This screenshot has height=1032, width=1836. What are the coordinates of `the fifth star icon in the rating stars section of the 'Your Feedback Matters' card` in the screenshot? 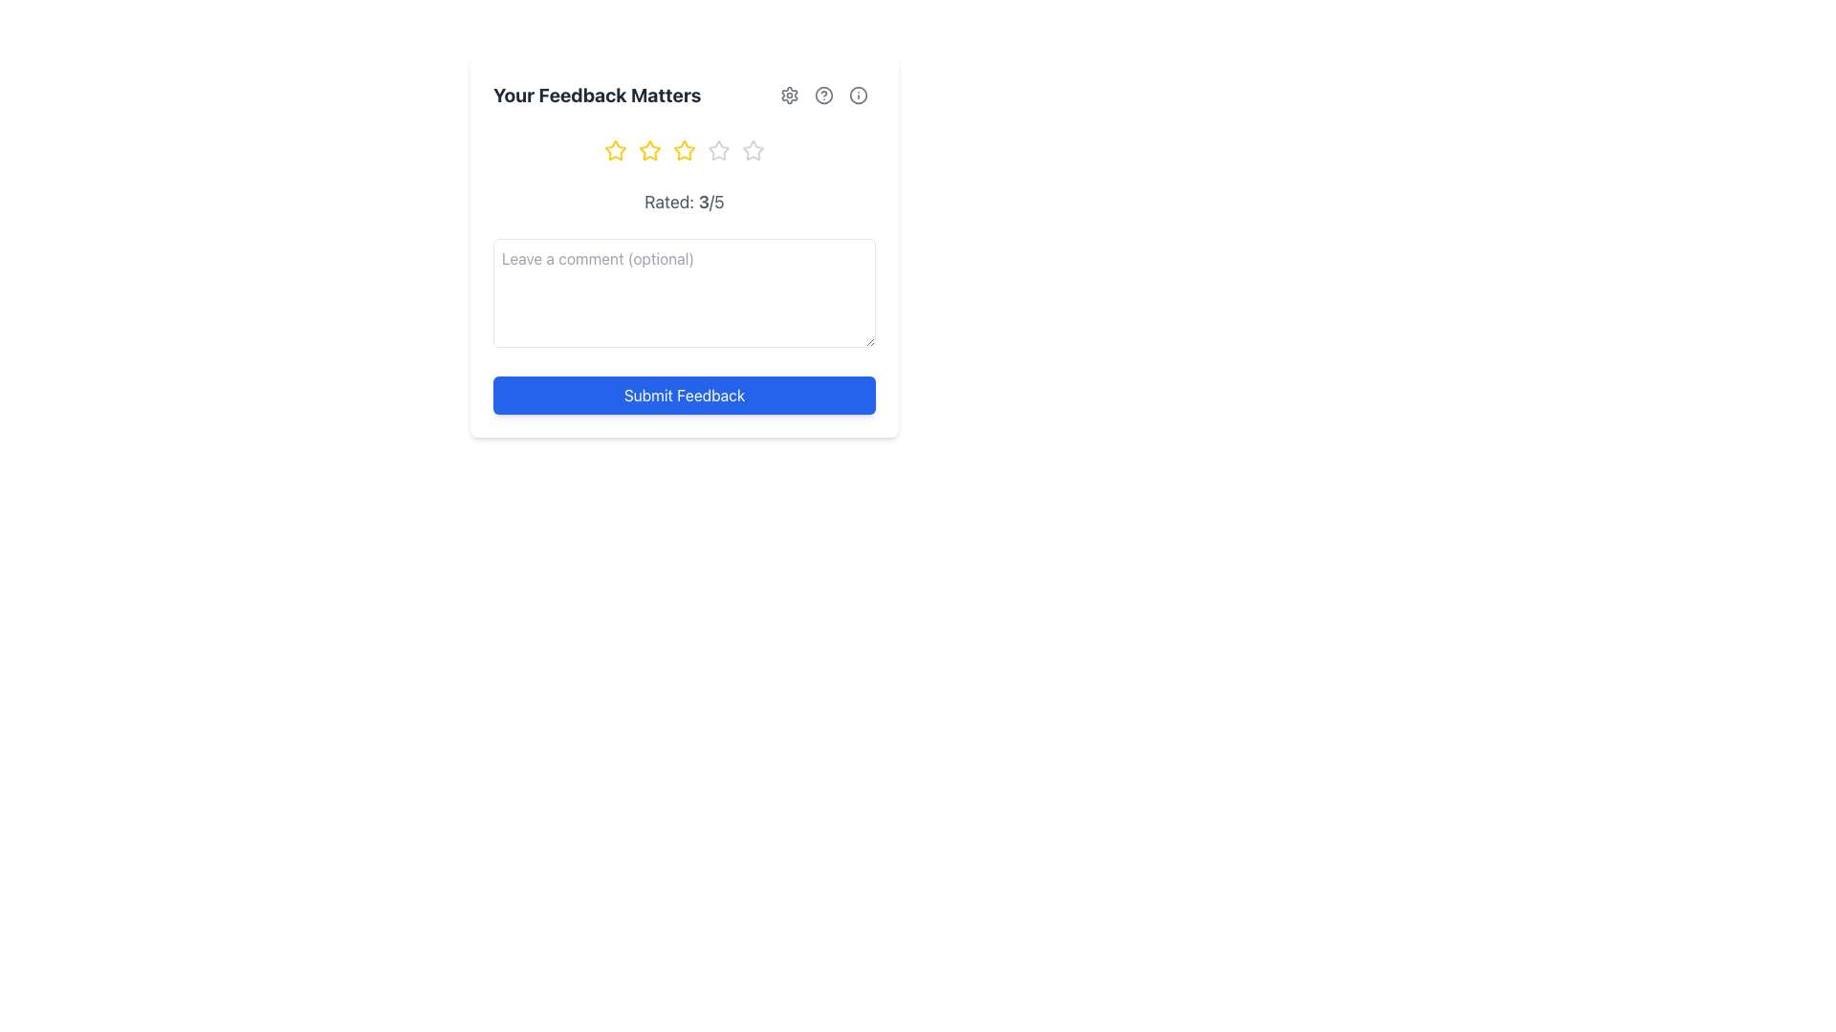 It's located at (752, 150).